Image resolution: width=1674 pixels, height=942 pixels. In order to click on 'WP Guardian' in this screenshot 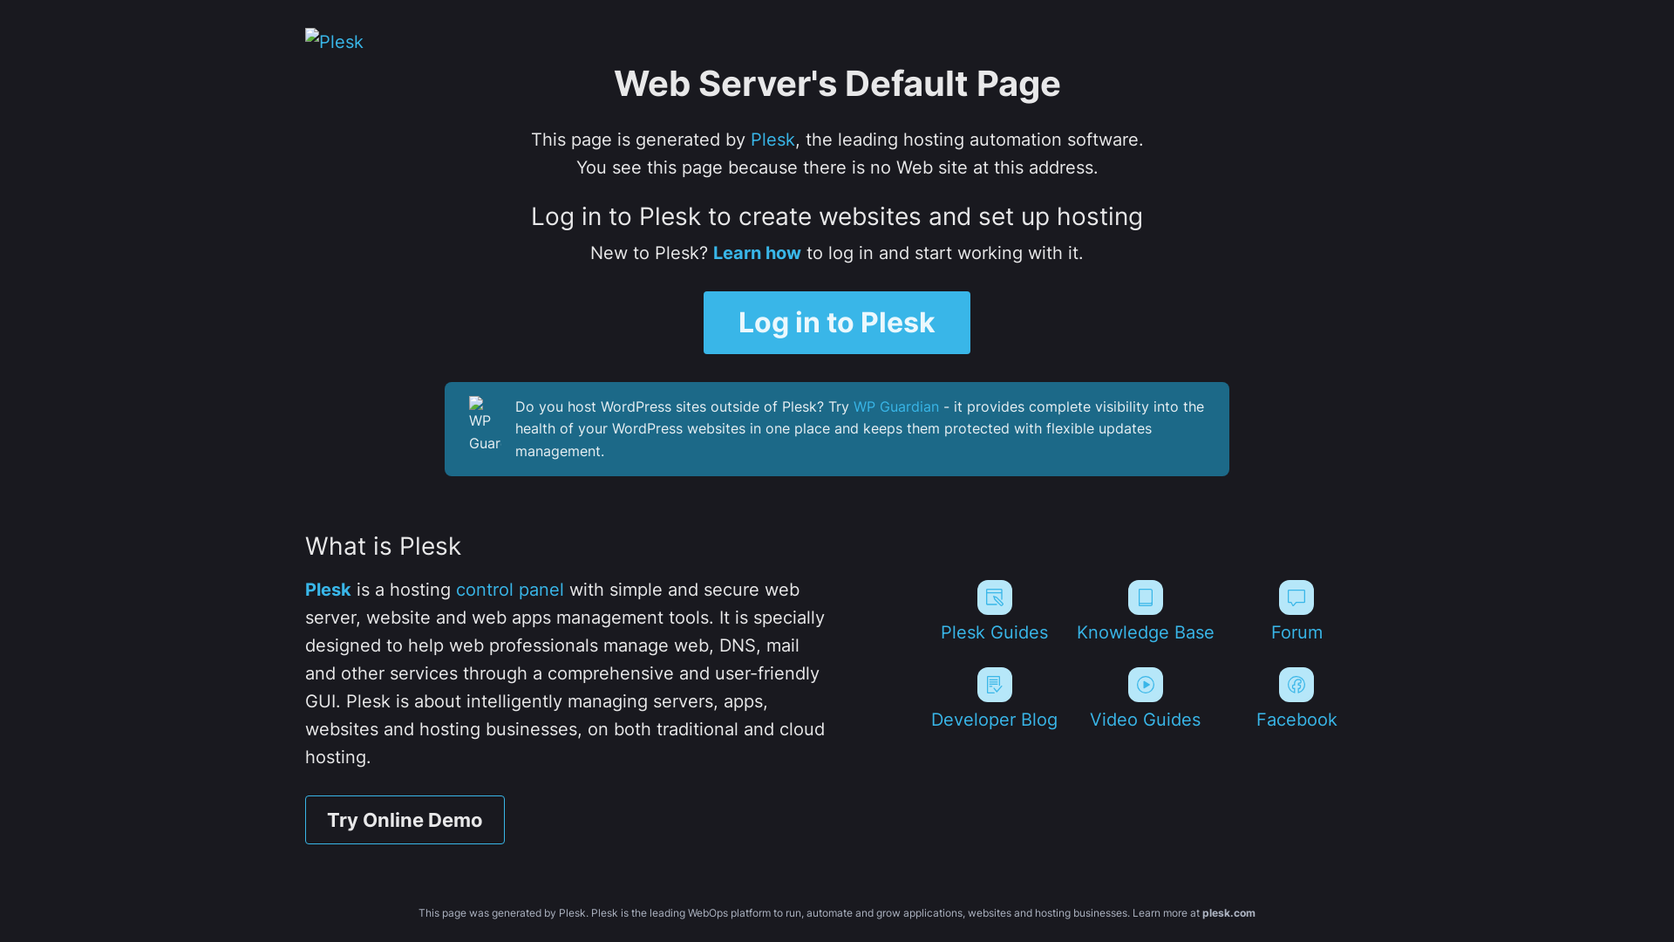, I will do `click(895, 406)`.